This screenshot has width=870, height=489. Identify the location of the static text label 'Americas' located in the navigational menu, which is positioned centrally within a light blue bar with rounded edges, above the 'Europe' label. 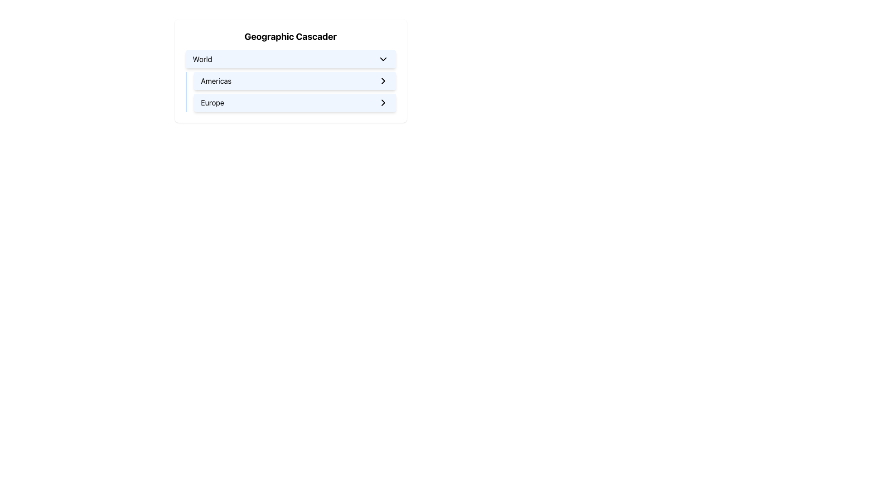
(216, 80).